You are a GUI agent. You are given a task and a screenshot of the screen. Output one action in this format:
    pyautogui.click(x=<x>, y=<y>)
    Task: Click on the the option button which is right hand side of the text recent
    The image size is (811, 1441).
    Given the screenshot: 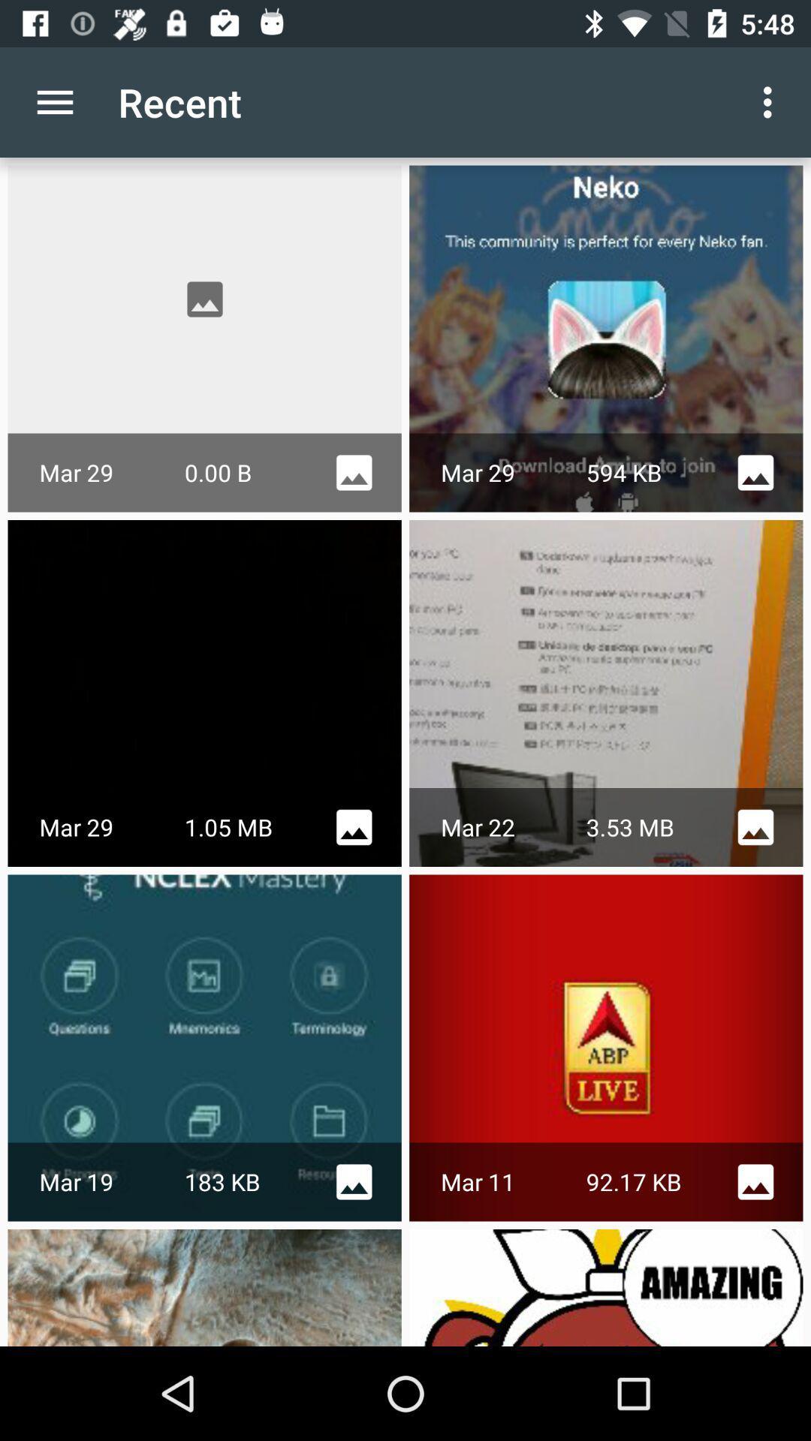 What is the action you would take?
    pyautogui.click(x=771, y=102)
    